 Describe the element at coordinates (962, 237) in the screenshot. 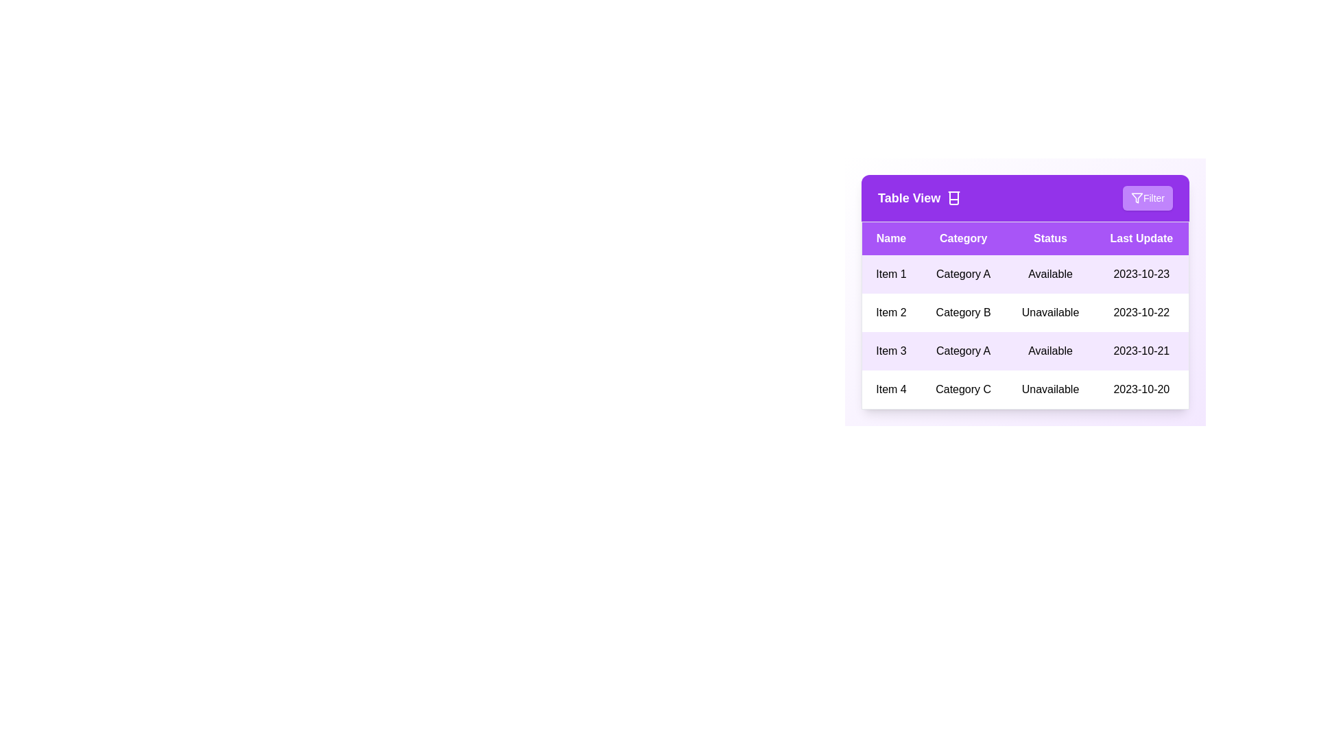

I see `the header Category to sort the table by that column` at that location.